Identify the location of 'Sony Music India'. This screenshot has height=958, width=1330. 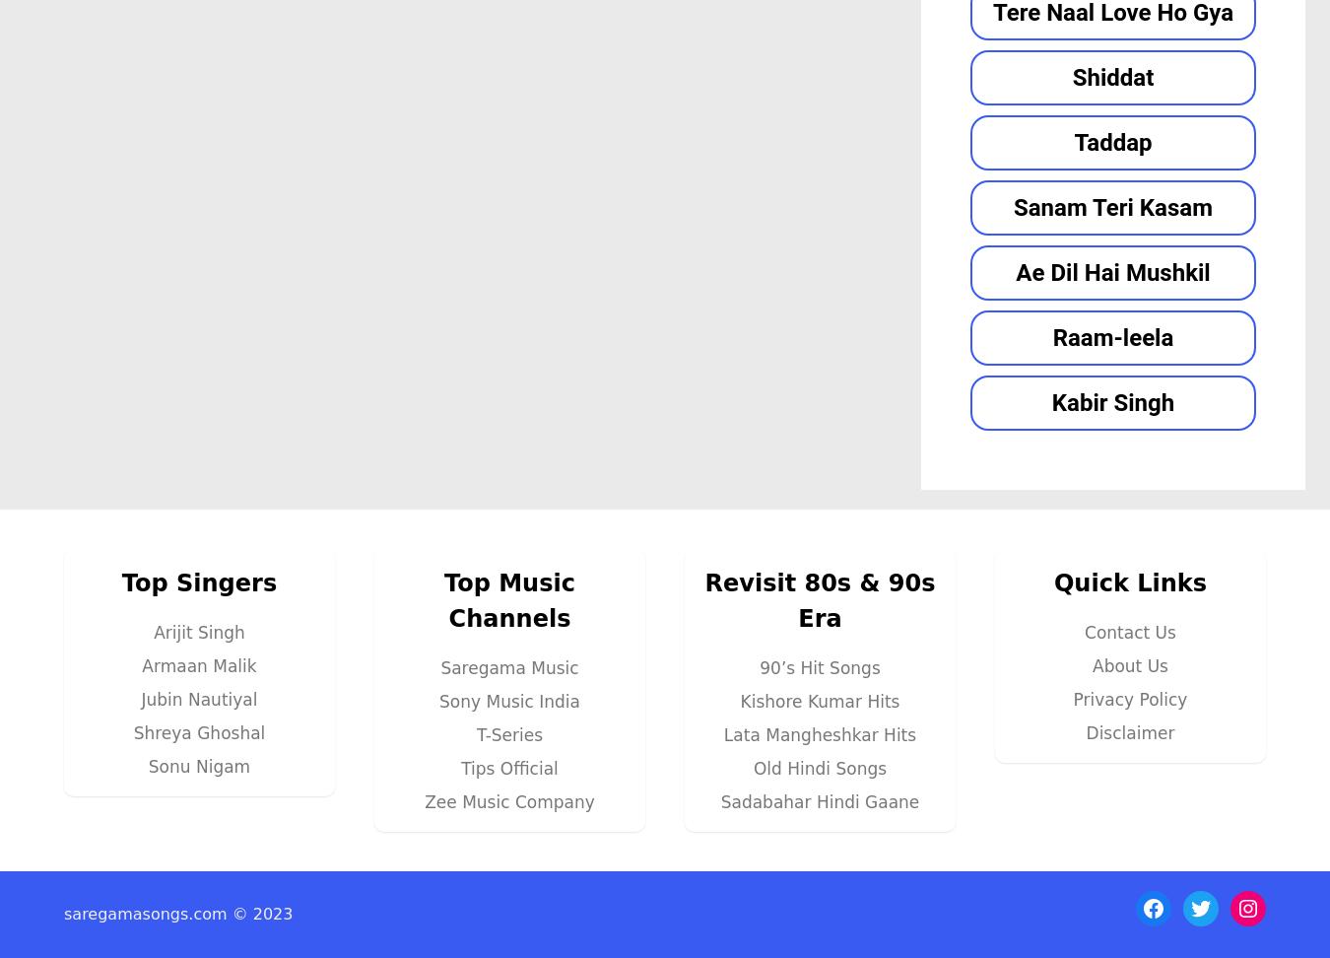
(508, 700).